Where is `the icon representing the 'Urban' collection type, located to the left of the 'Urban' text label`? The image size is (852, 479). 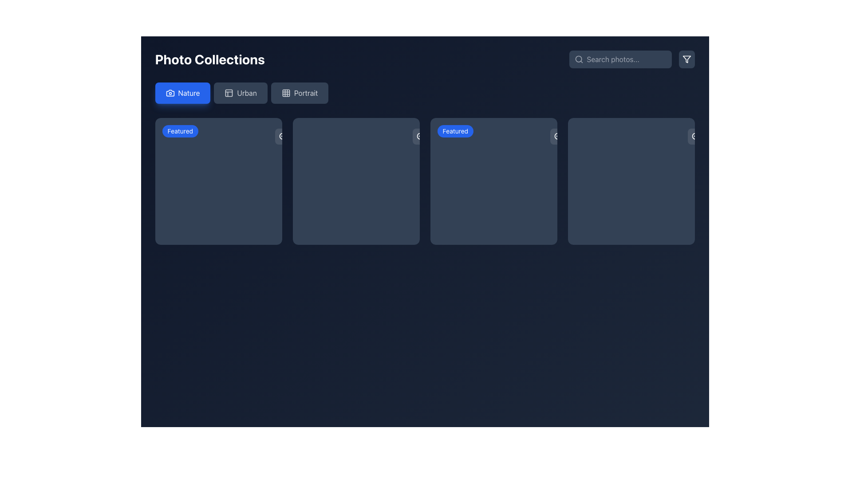
the icon representing the 'Urban' collection type, located to the left of the 'Urban' text label is located at coordinates (229, 93).